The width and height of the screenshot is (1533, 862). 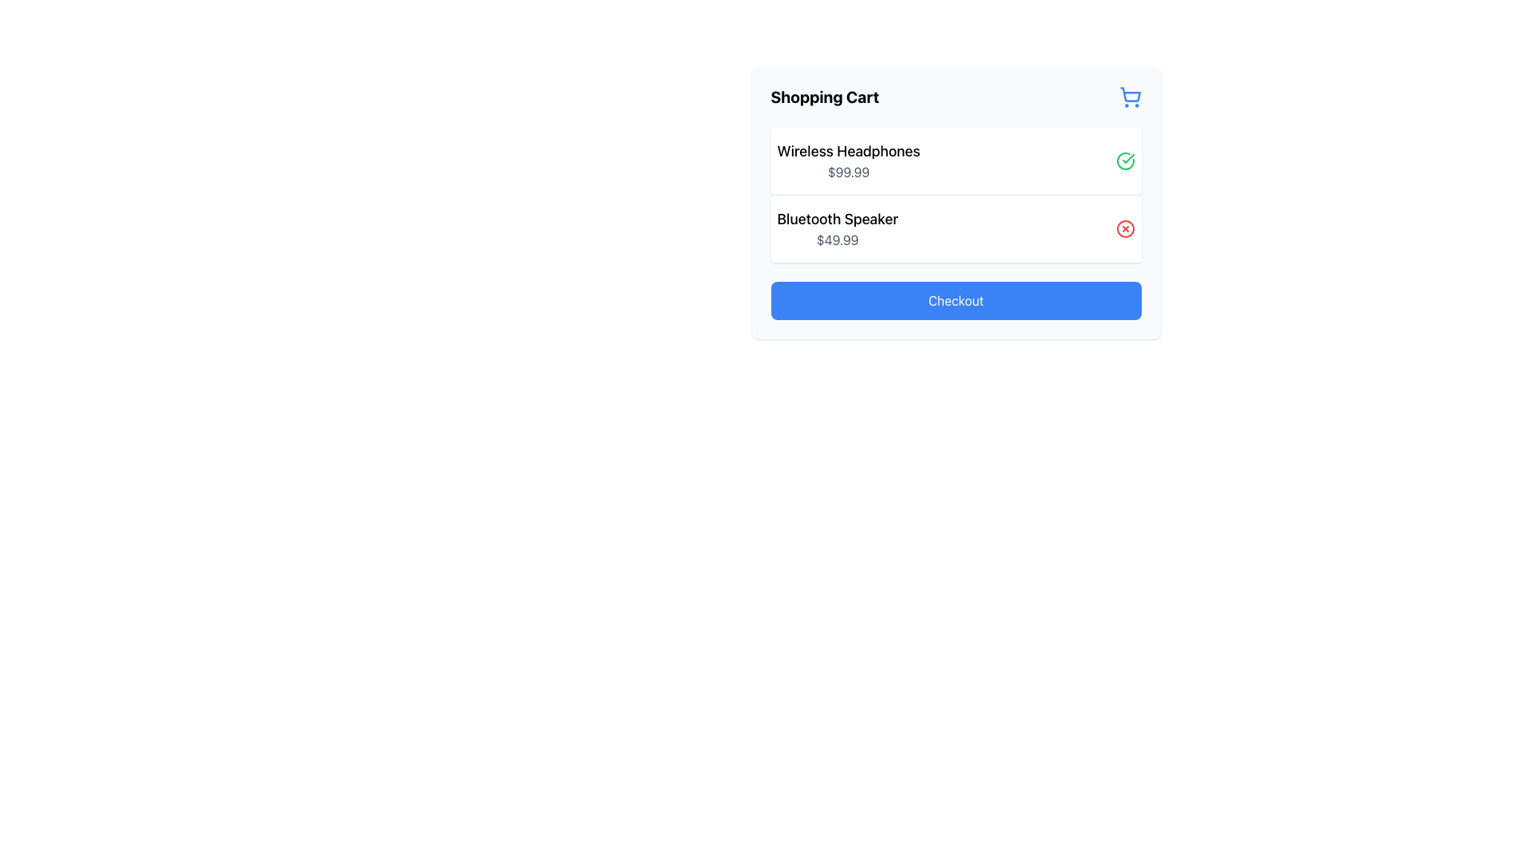 What do you see at coordinates (956, 194) in the screenshot?
I see `the sectional list containing product items in the shopping cart UI` at bounding box center [956, 194].